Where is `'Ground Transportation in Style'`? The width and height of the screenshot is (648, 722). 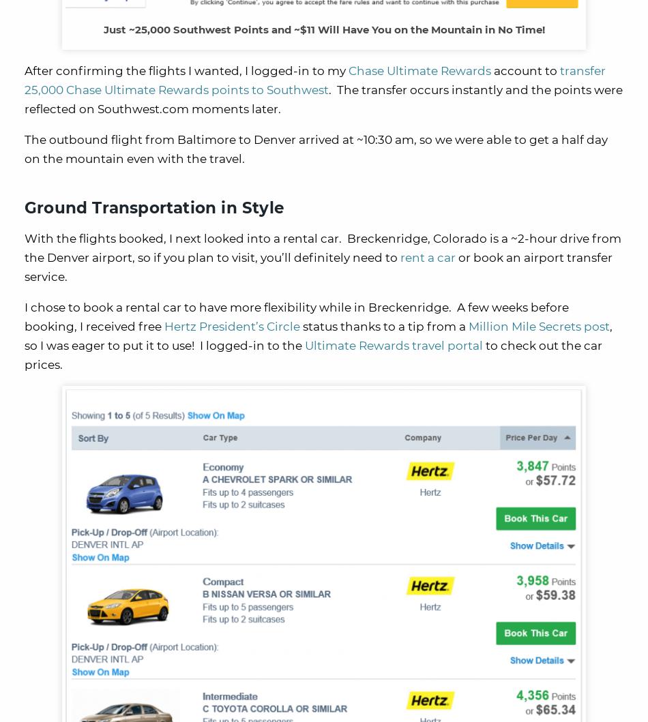 'Ground Transportation in Style' is located at coordinates (154, 207).